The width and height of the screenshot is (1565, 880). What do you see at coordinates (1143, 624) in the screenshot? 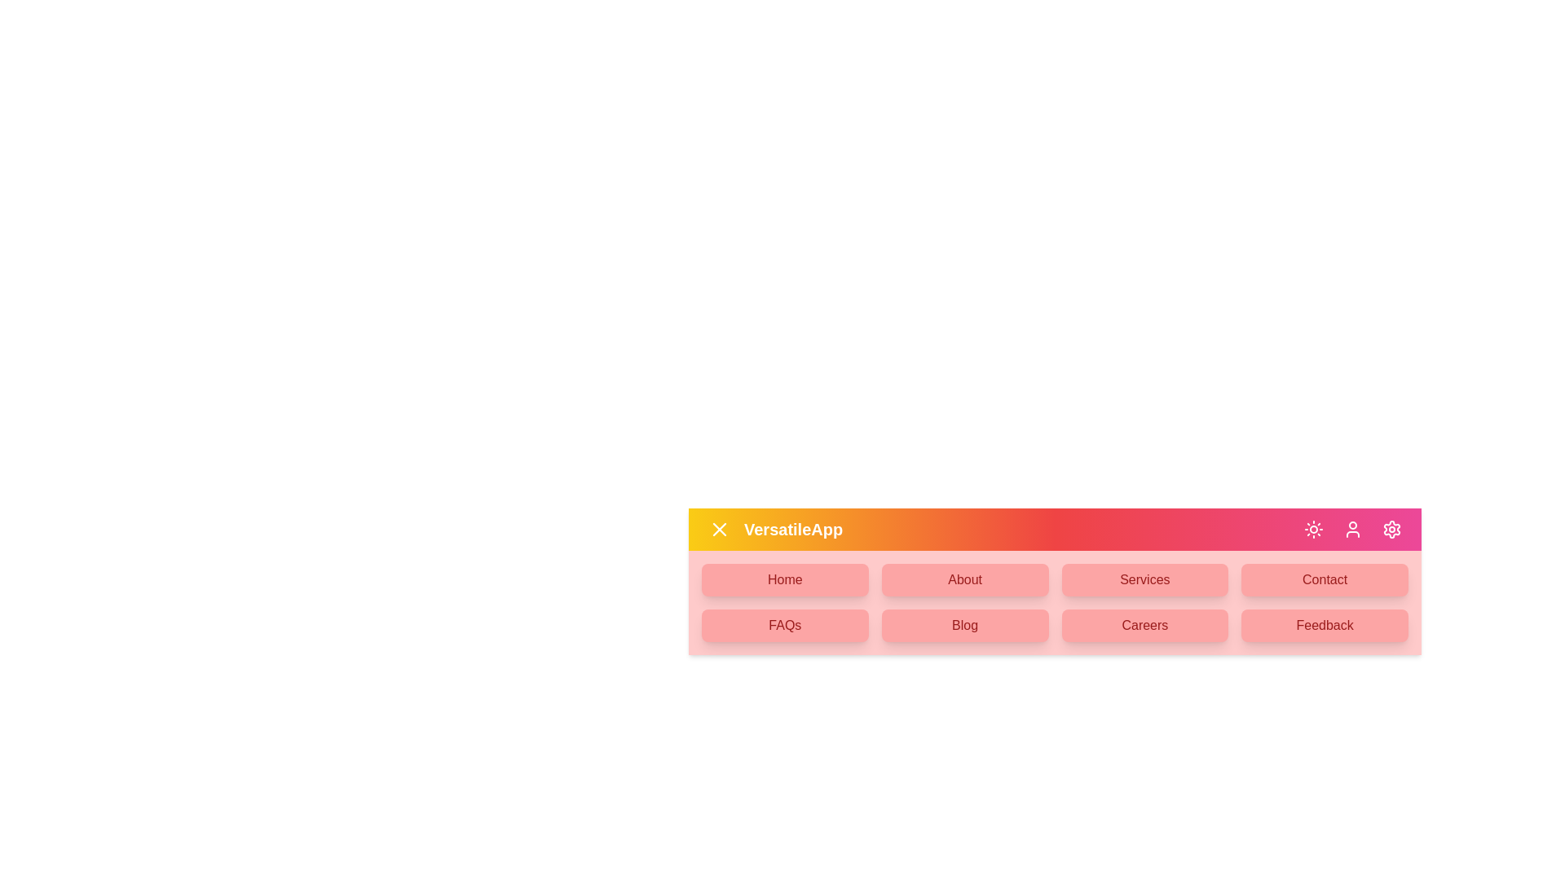
I see `the menu item Careers from the available options` at bounding box center [1143, 624].